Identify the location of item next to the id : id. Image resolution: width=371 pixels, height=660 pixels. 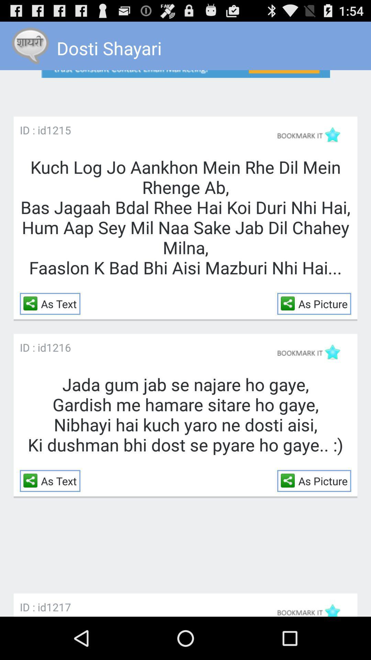
(58, 347).